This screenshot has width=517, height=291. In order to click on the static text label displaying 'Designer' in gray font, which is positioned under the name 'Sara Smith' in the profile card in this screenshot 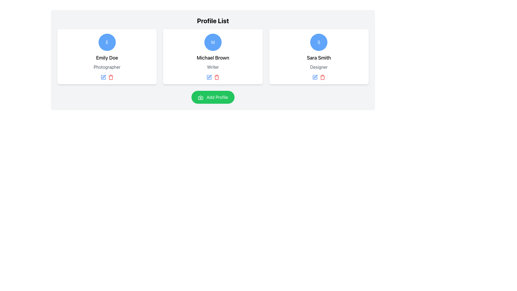, I will do `click(319, 67)`.